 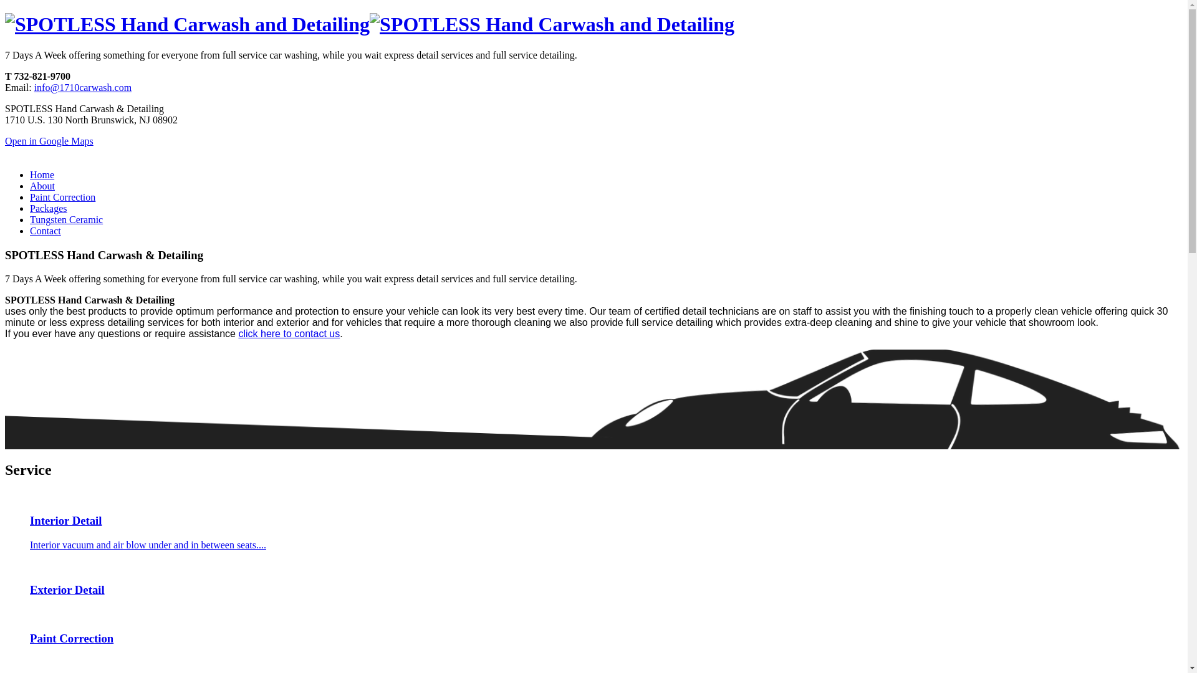 I want to click on 'Open in Google Maps', so click(x=5, y=140).